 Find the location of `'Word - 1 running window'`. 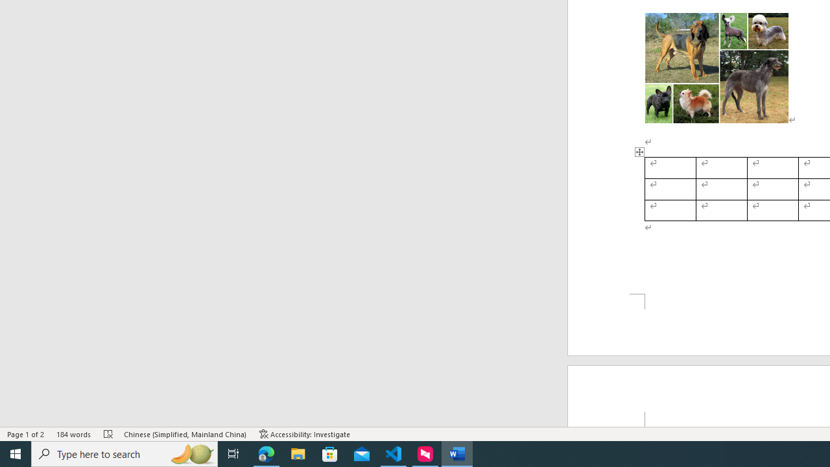

'Word - 1 running window' is located at coordinates (457, 453).